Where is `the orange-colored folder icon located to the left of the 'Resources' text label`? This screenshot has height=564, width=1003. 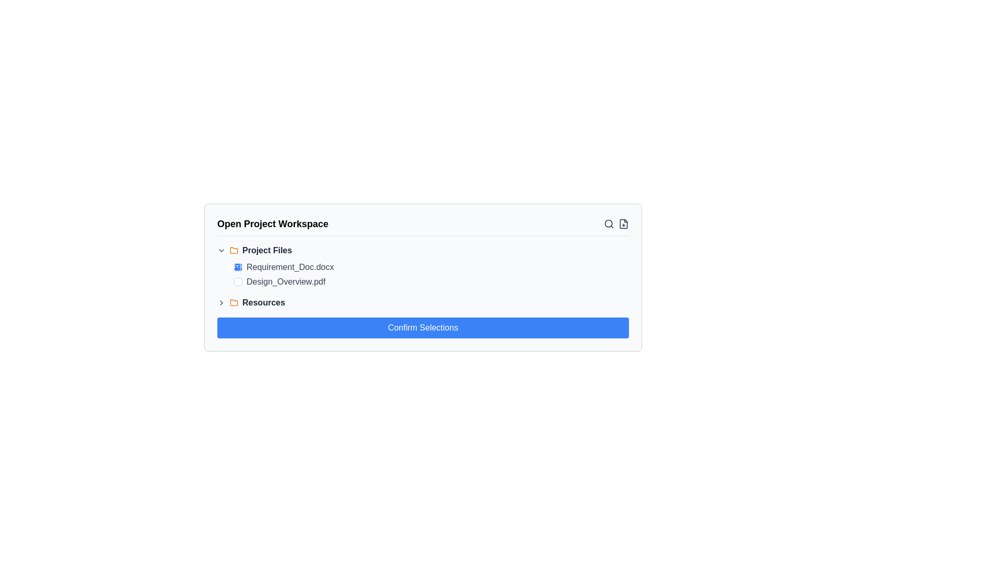
the orange-colored folder icon located to the left of the 'Resources' text label is located at coordinates (233, 302).